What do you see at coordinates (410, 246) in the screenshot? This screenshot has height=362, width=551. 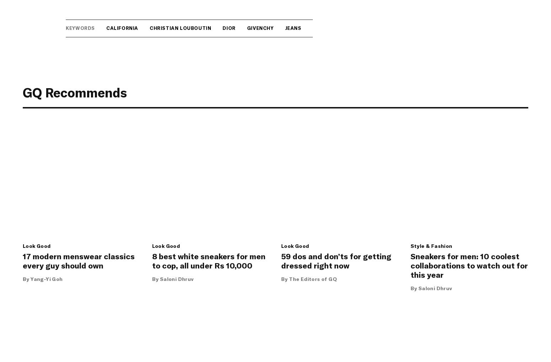 I see `'Style & Fashion'` at bounding box center [410, 246].